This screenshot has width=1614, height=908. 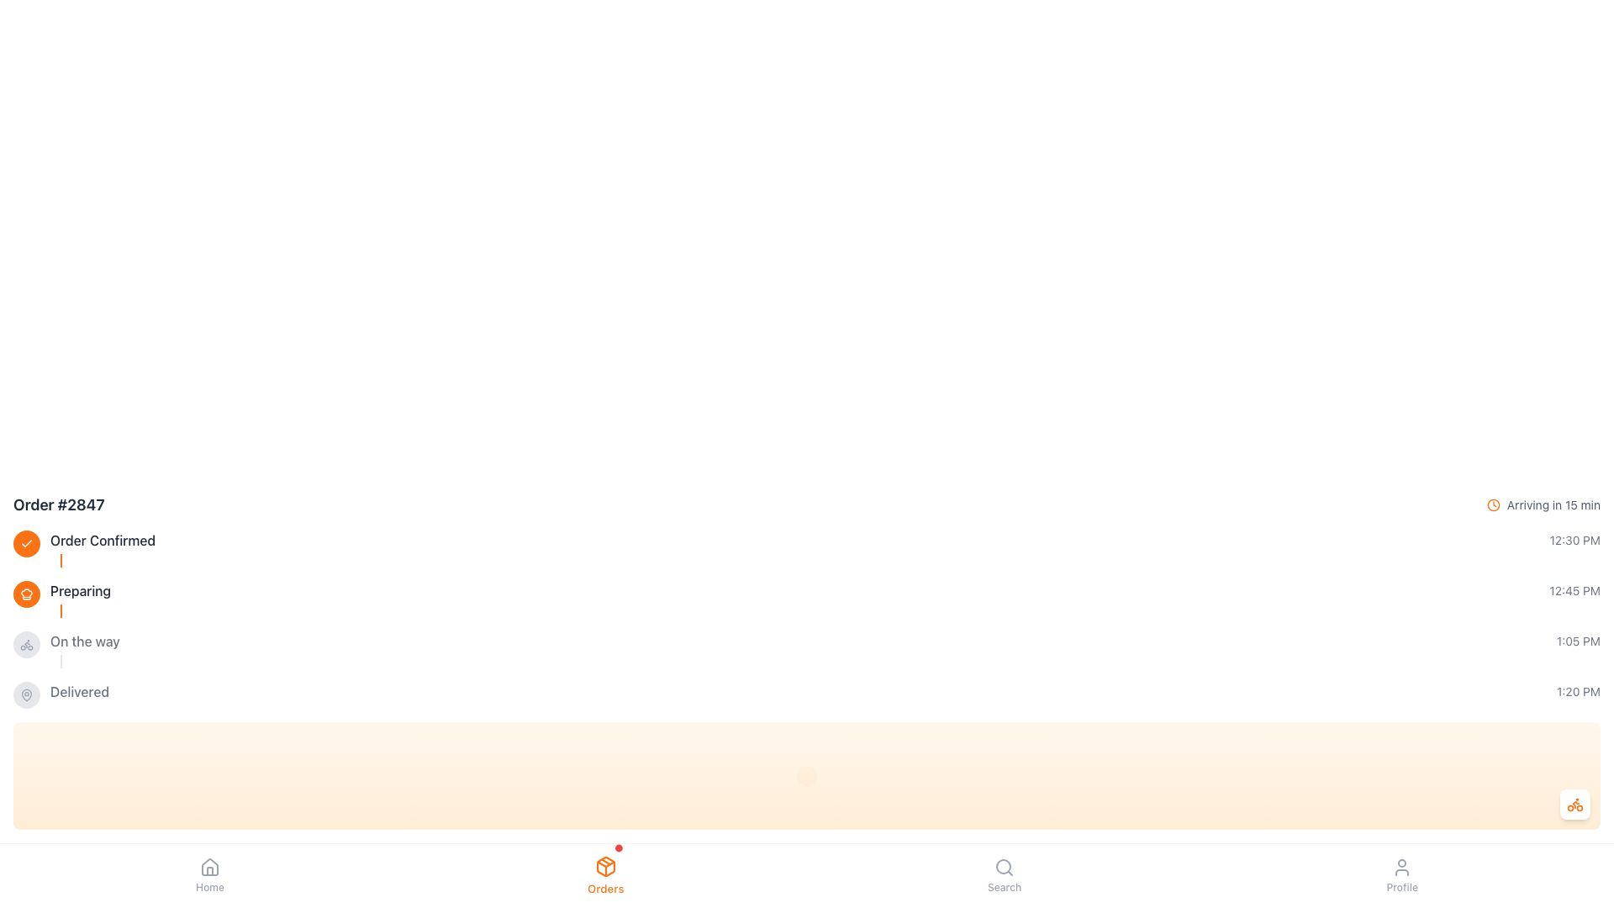 I want to click on the circular icon with a light gray background and bike symbol, which is the third status item labeled 'On the way' in the order statuses list for 'Order #2847', so click(x=27, y=644).